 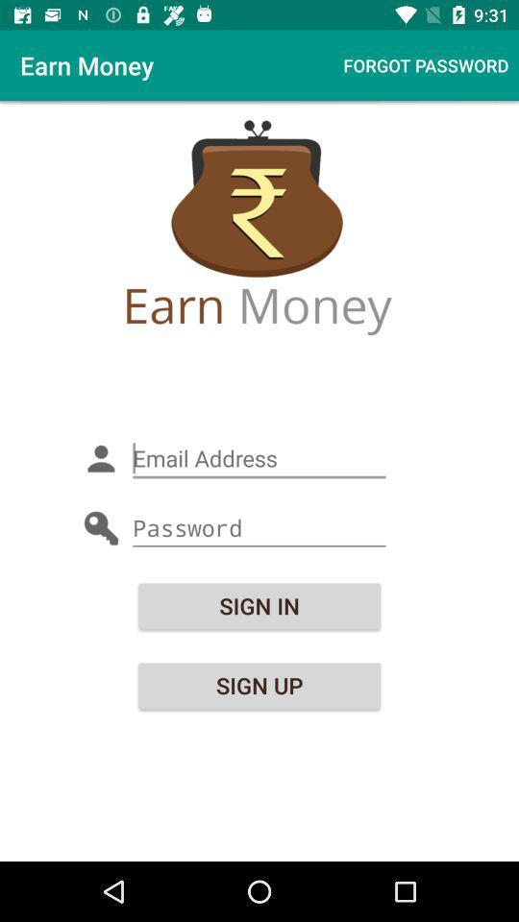 What do you see at coordinates (259, 458) in the screenshot?
I see `type in your email address` at bounding box center [259, 458].